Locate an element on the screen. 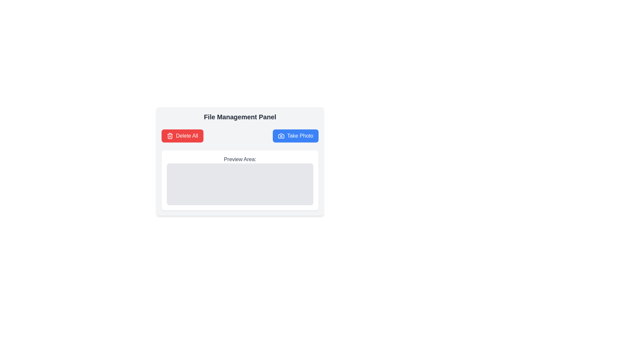  the 'Delete All' icon located in the upper-left region of the 'File Management Panel', which is adjacent to the 'Take Photo' blue button is located at coordinates (170, 136).